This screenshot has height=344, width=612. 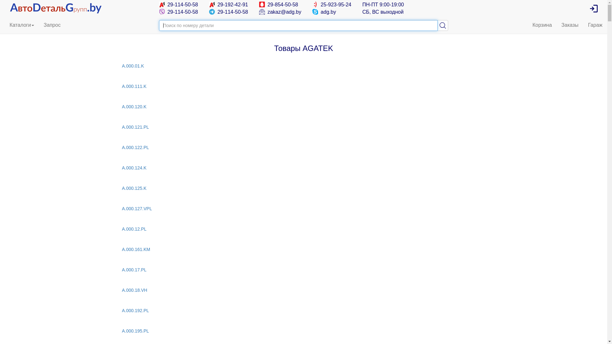 I want to click on 'A.000.12.PL', so click(x=303, y=228).